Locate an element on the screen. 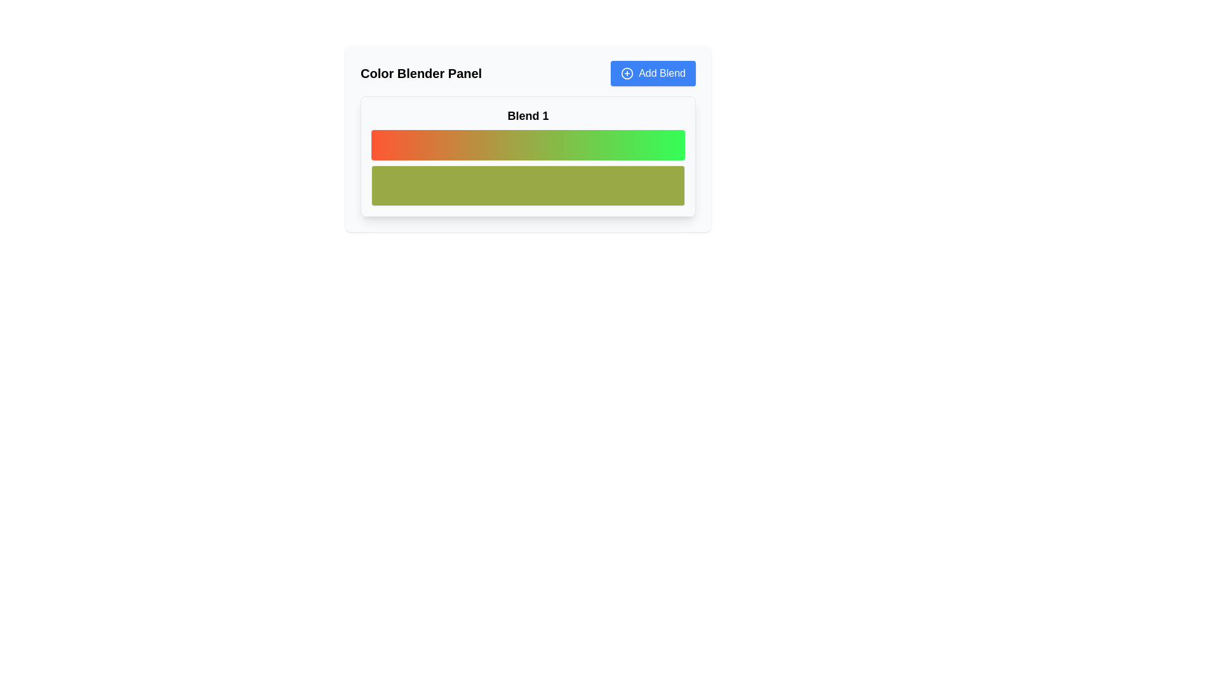 This screenshot has height=685, width=1219. the icon located to the left of the 'Add Blend' button within the same button in the 'Color Blender Panel' is located at coordinates (627, 73).